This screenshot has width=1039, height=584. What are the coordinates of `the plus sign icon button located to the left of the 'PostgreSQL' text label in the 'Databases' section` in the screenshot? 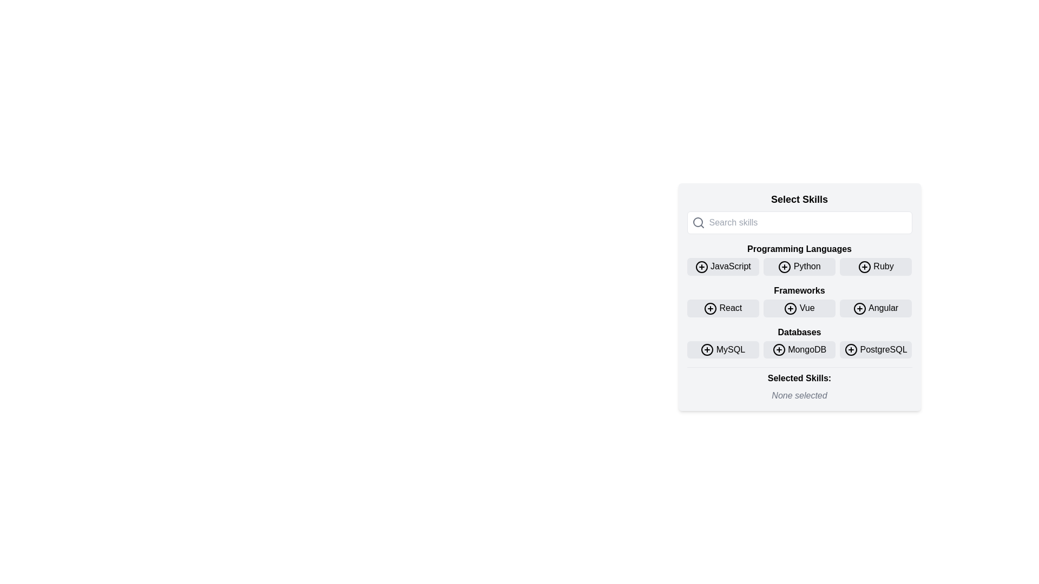 It's located at (851, 350).